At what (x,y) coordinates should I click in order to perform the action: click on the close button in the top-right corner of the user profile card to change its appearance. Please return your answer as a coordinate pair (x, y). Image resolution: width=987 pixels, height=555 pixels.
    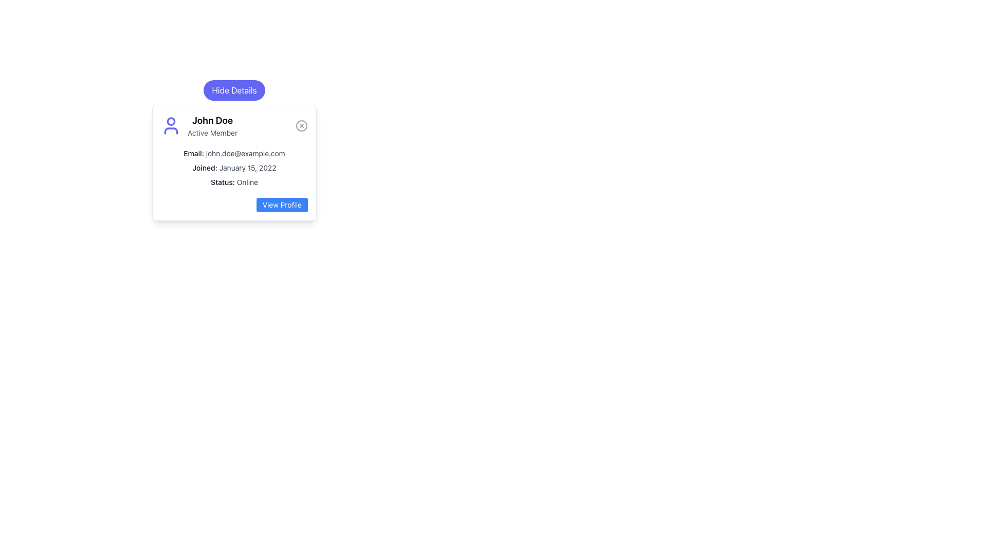
    Looking at the image, I should click on (301, 125).